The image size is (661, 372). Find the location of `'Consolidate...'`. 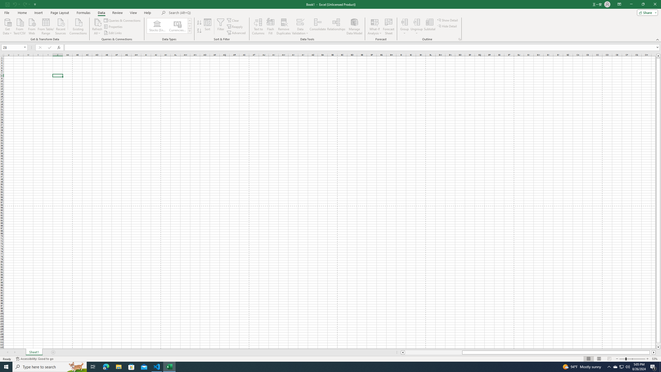

'Consolidate...' is located at coordinates (318, 27).